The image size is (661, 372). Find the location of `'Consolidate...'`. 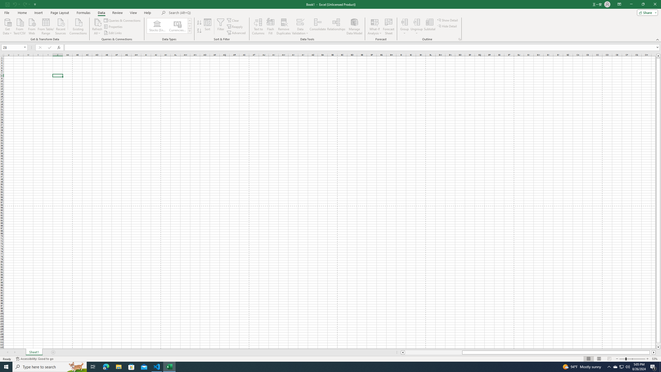

'Consolidate...' is located at coordinates (318, 27).